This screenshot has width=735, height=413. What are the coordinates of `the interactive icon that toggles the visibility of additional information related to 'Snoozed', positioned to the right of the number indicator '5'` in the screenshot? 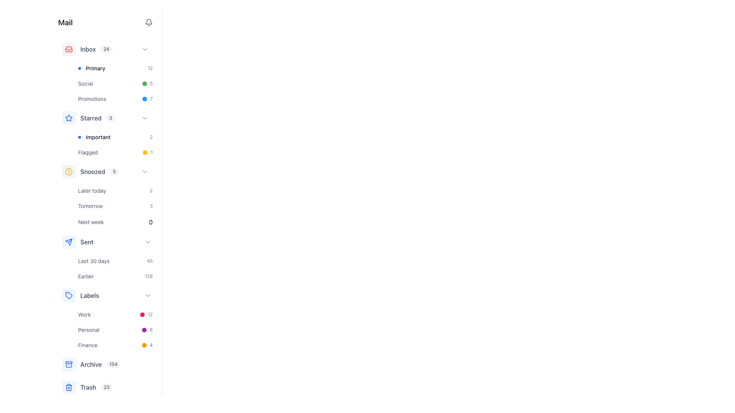 It's located at (145, 171).